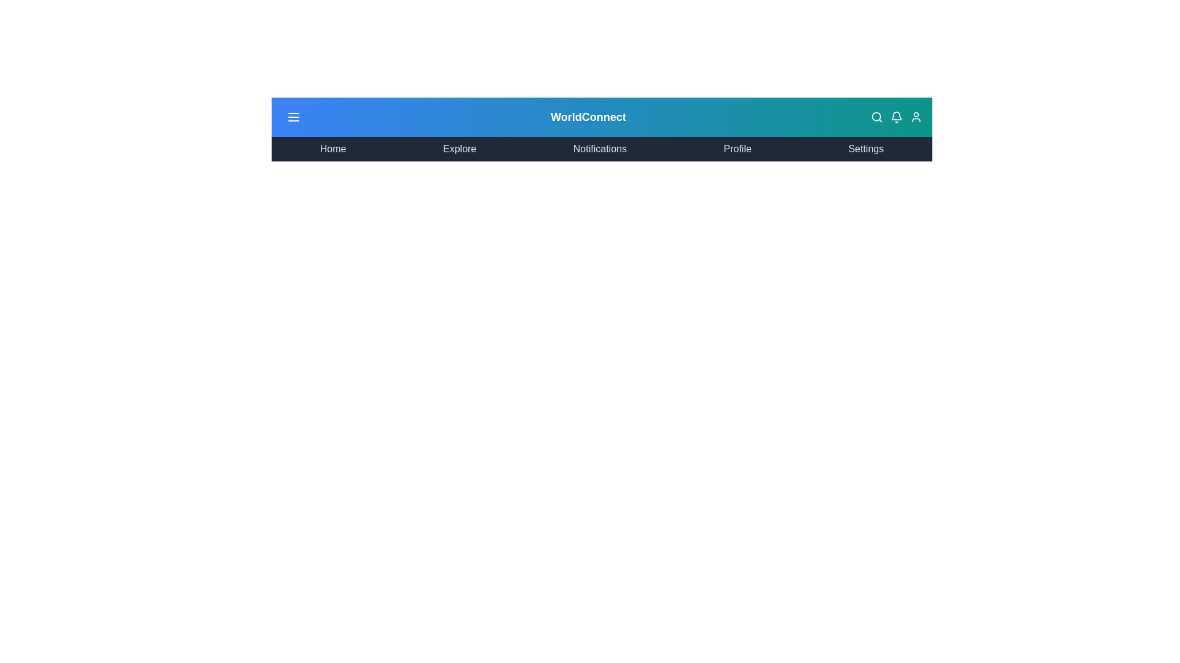  What do you see at coordinates (459, 149) in the screenshot?
I see `the menu item corresponding to Explore` at bounding box center [459, 149].